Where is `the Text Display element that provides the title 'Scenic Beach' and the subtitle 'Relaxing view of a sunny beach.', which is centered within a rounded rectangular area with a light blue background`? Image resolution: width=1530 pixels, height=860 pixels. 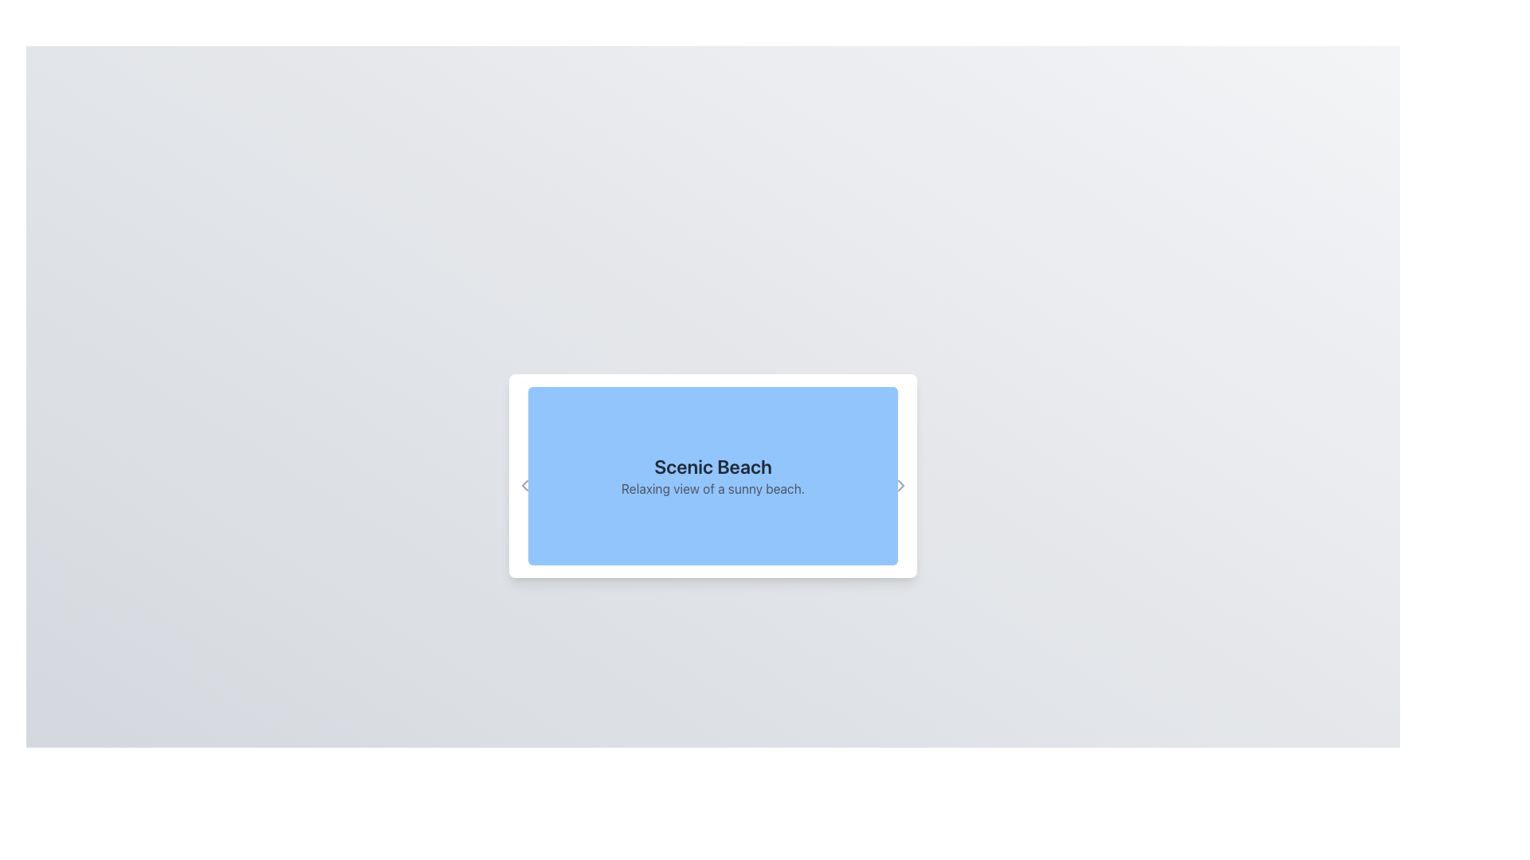 the Text Display element that provides the title 'Scenic Beach' and the subtitle 'Relaxing view of a sunny beach.', which is centered within a rounded rectangular area with a light blue background is located at coordinates (712, 475).